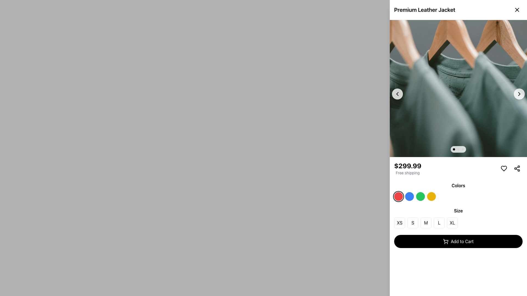  What do you see at coordinates (504, 168) in the screenshot?
I see `the heart-shaped icon button to favorite the item, which is located near the upper-right corner of the product price and description area` at bounding box center [504, 168].